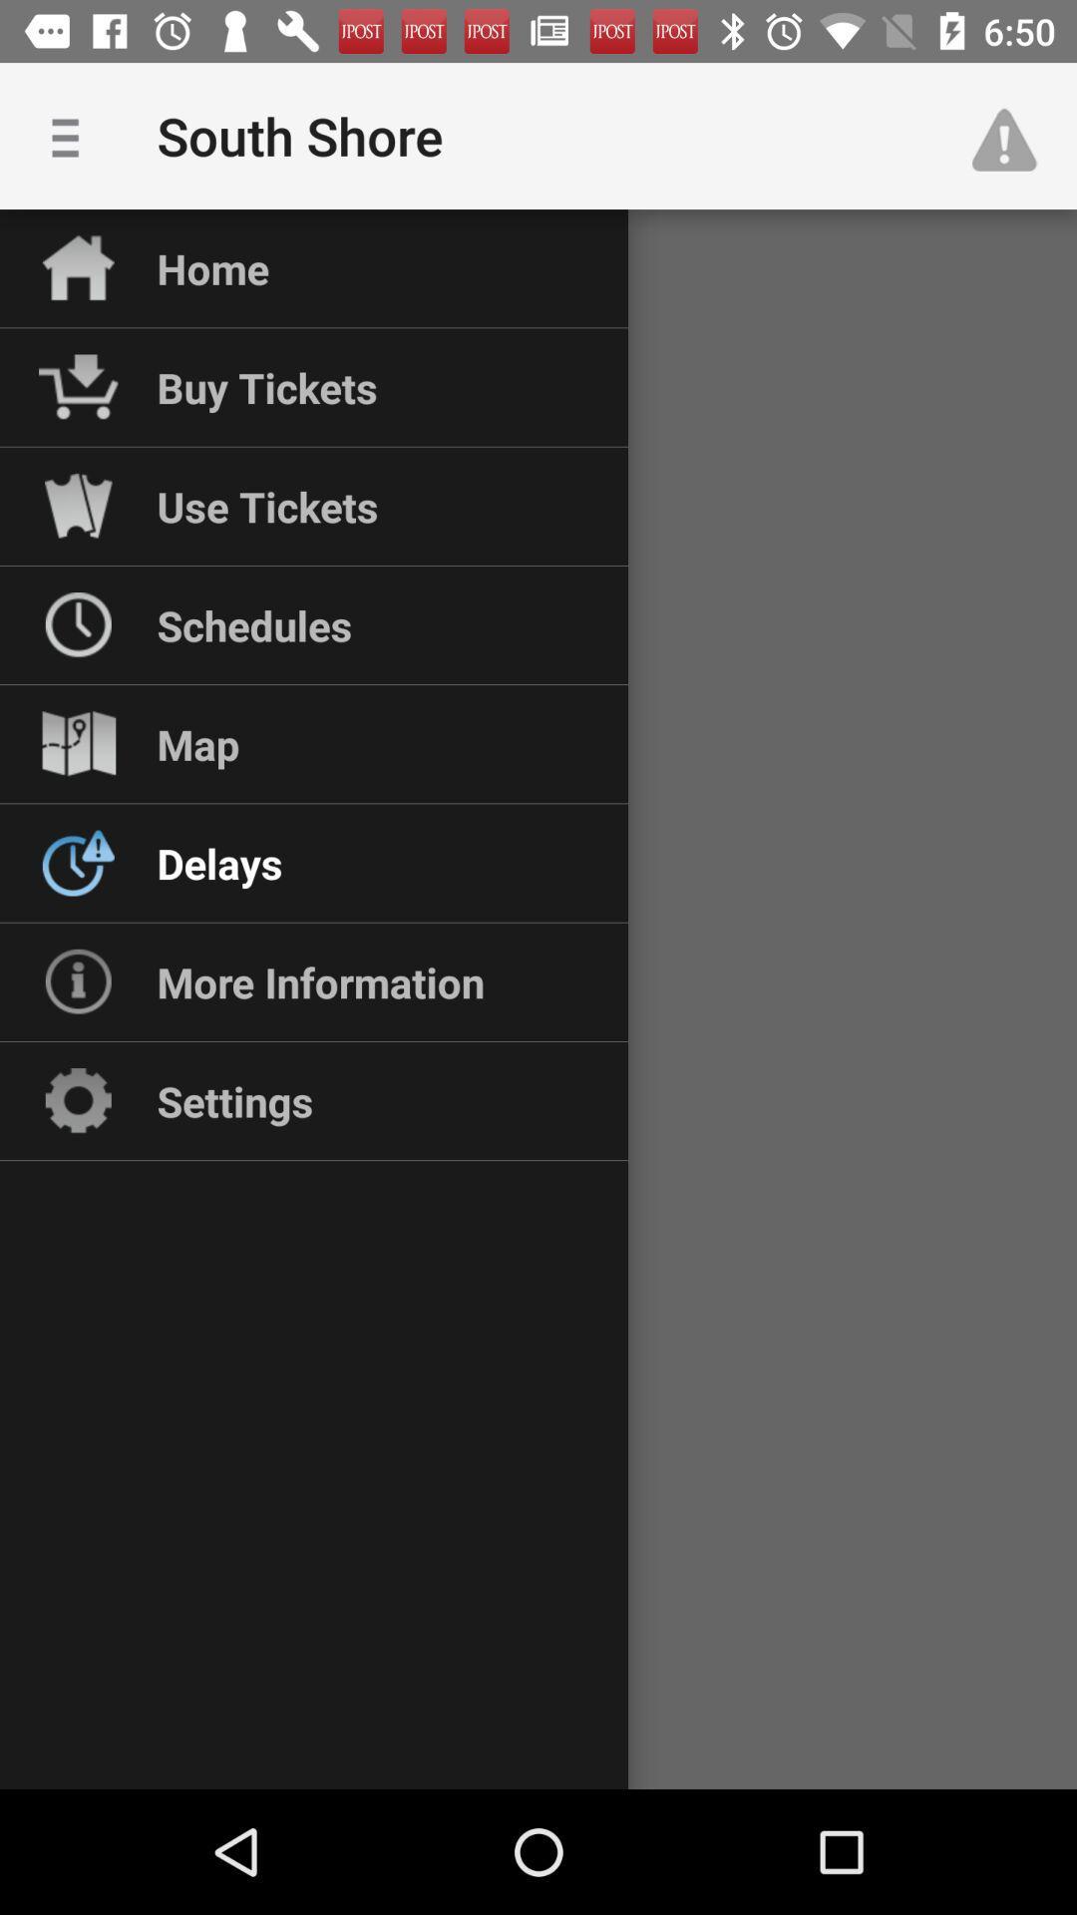 The height and width of the screenshot is (1915, 1077). What do you see at coordinates (72, 135) in the screenshot?
I see `icon next to home item` at bounding box center [72, 135].